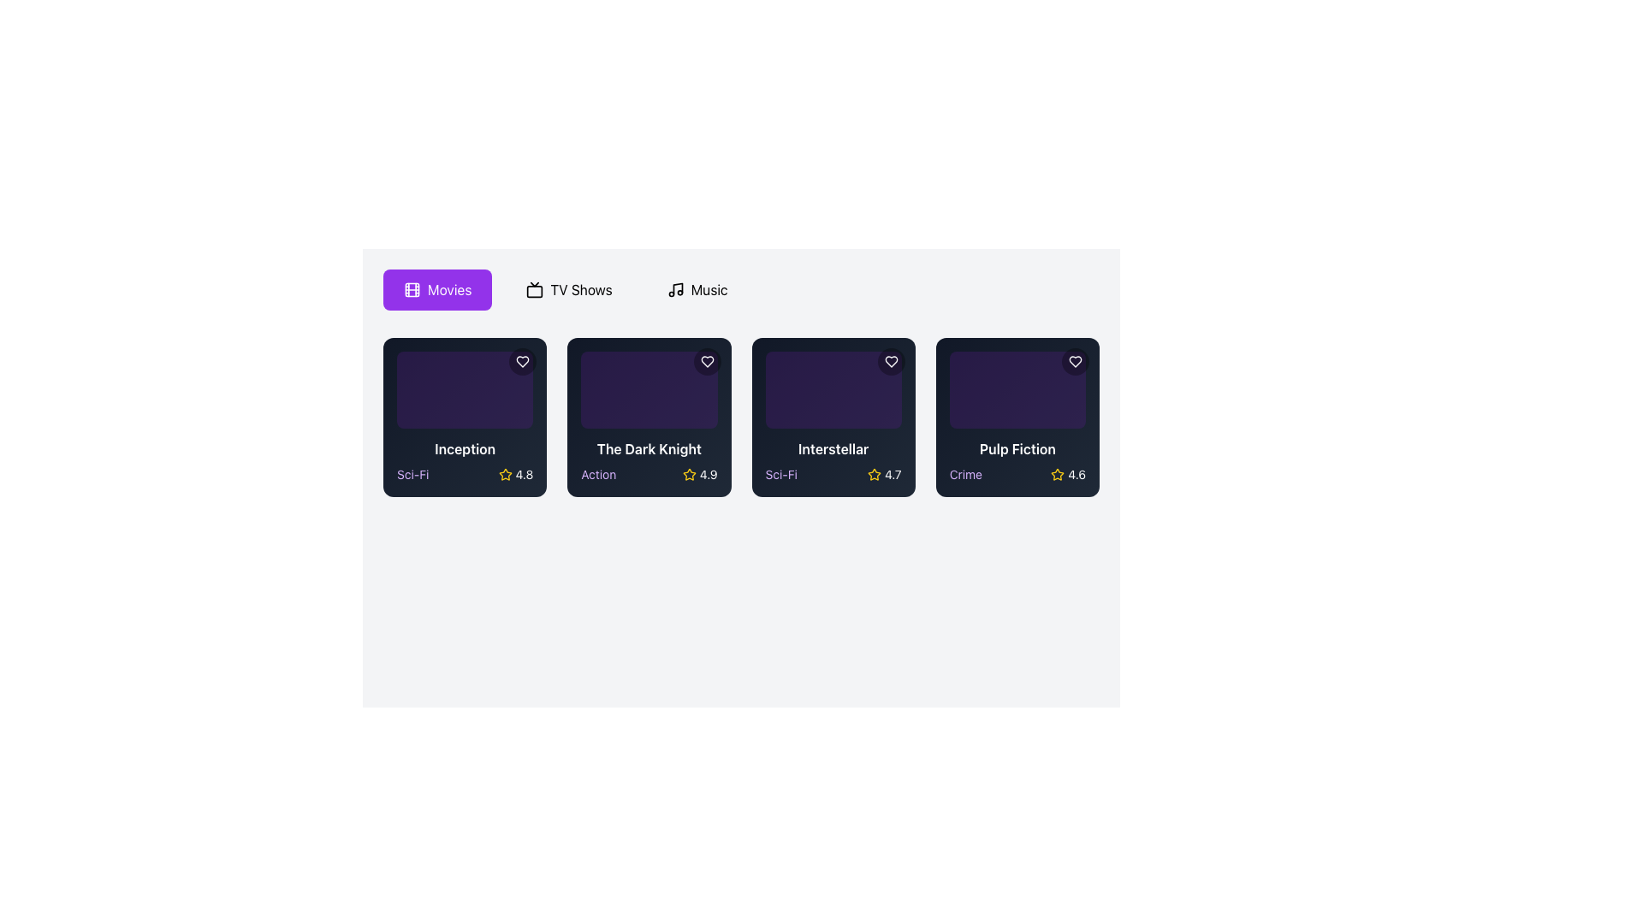  Describe the element at coordinates (522, 361) in the screenshot. I see `the heart icon located in the top-right corner of the 'Inception' movie card to trigger the tooltip or animation` at that location.